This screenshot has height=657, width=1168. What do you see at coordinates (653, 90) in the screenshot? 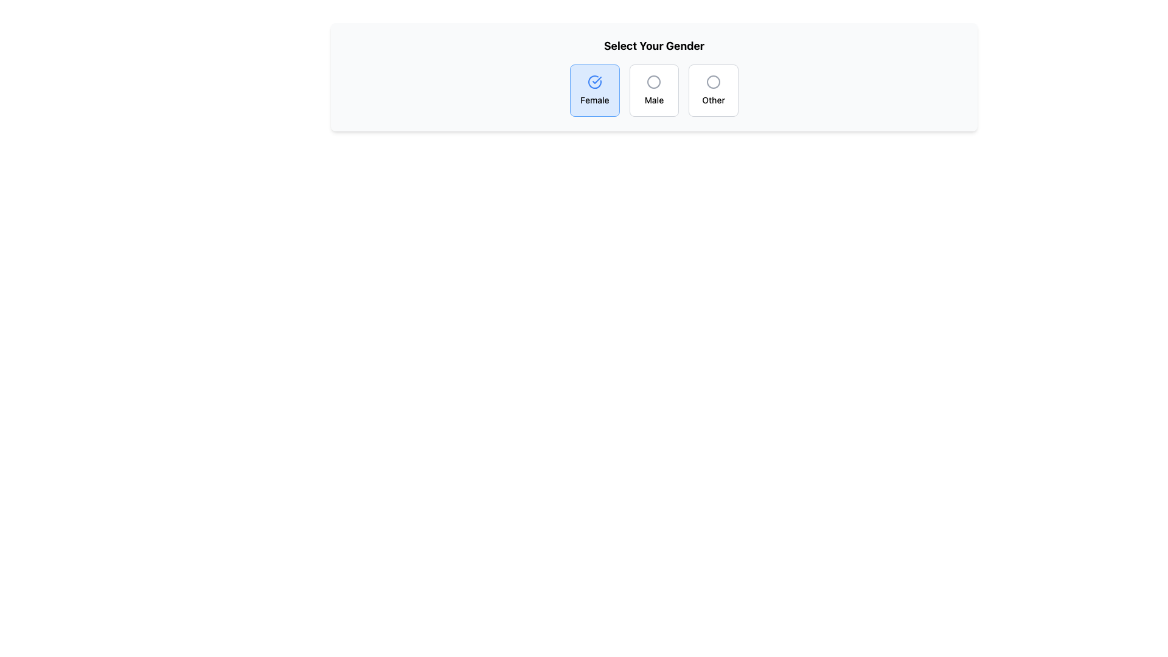
I see `the 'Male' gender selection card in the grid of button cards for hover effects` at bounding box center [653, 90].